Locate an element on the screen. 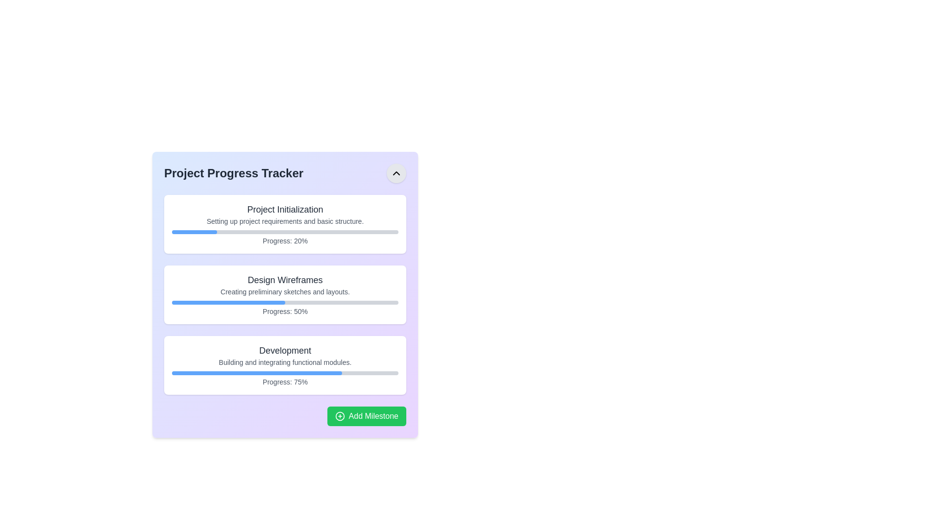 The image size is (941, 529). the upward-pointing chevron icon within the rounded button at the top-right corner of the 'Project Progress Tracker' card is located at coordinates (396, 173).